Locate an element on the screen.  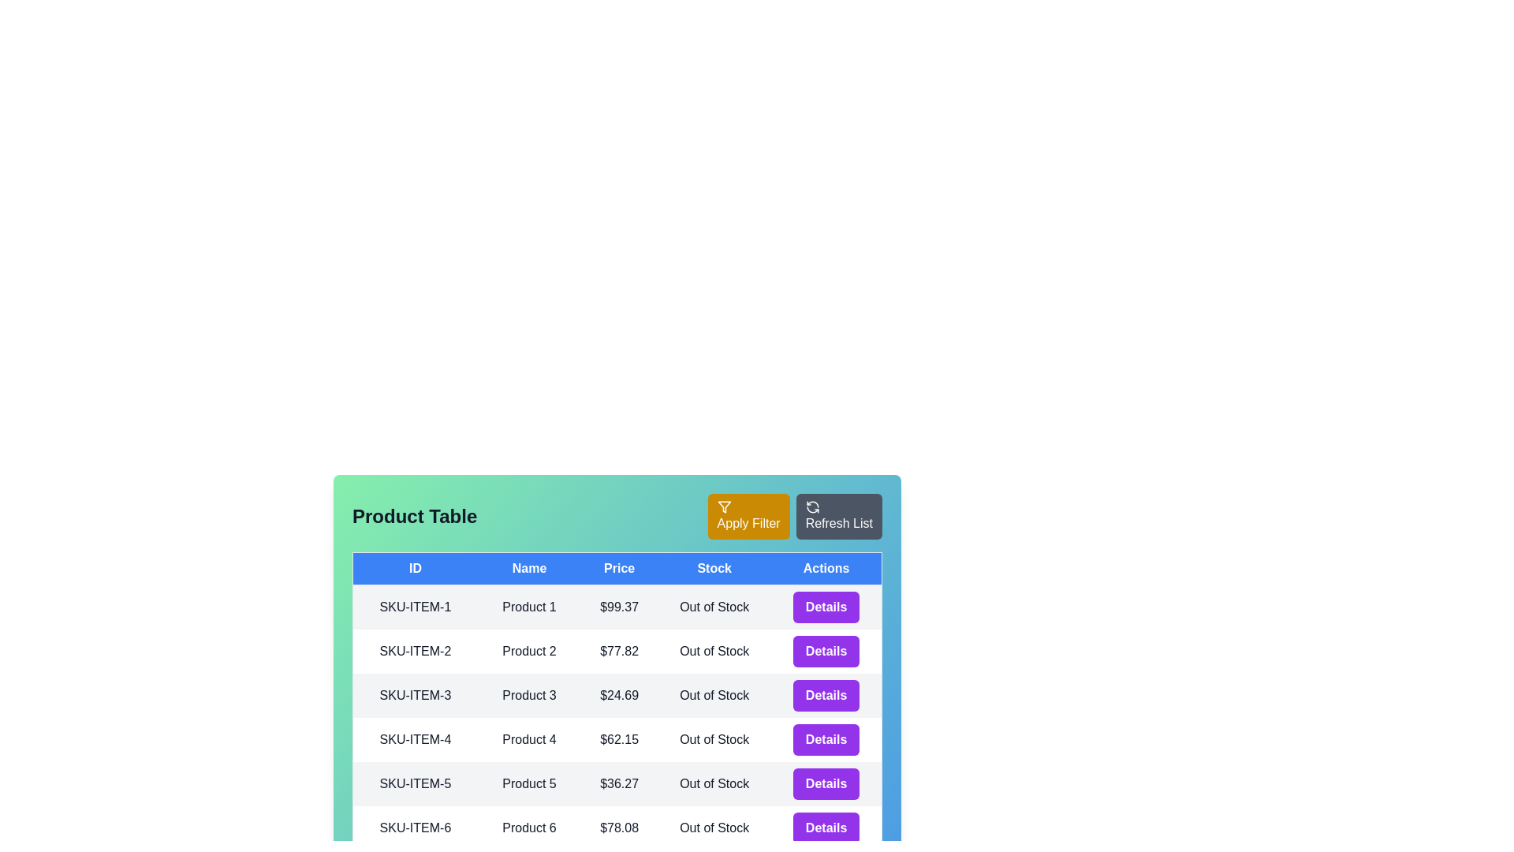
the button labeled Details is located at coordinates (826, 607).